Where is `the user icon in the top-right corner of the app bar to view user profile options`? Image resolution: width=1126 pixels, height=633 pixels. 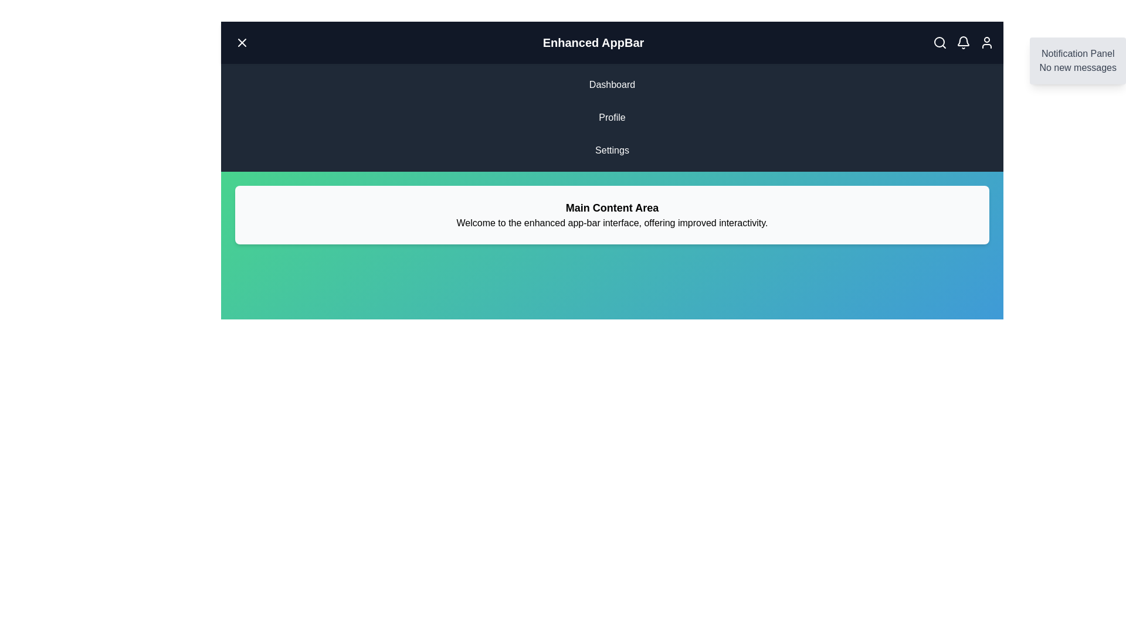
the user icon in the top-right corner of the app bar to view user profile options is located at coordinates (986, 42).